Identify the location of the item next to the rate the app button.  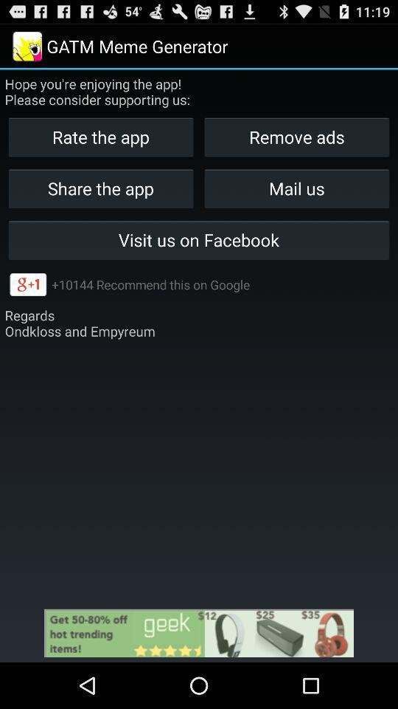
(296, 188).